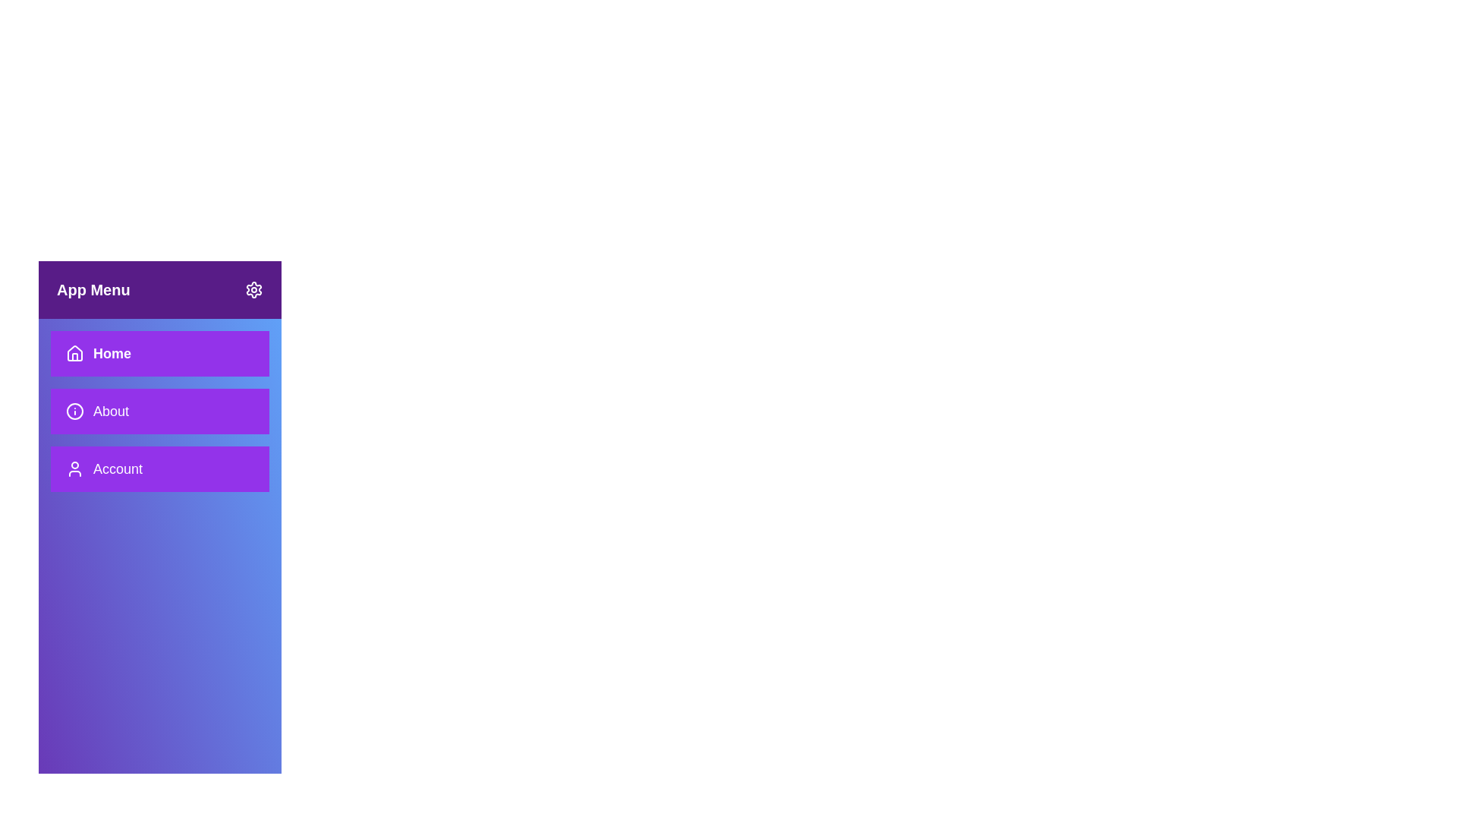  What do you see at coordinates (160, 468) in the screenshot?
I see `the Account section from the sidebar menu` at bounding box center [160, 468].